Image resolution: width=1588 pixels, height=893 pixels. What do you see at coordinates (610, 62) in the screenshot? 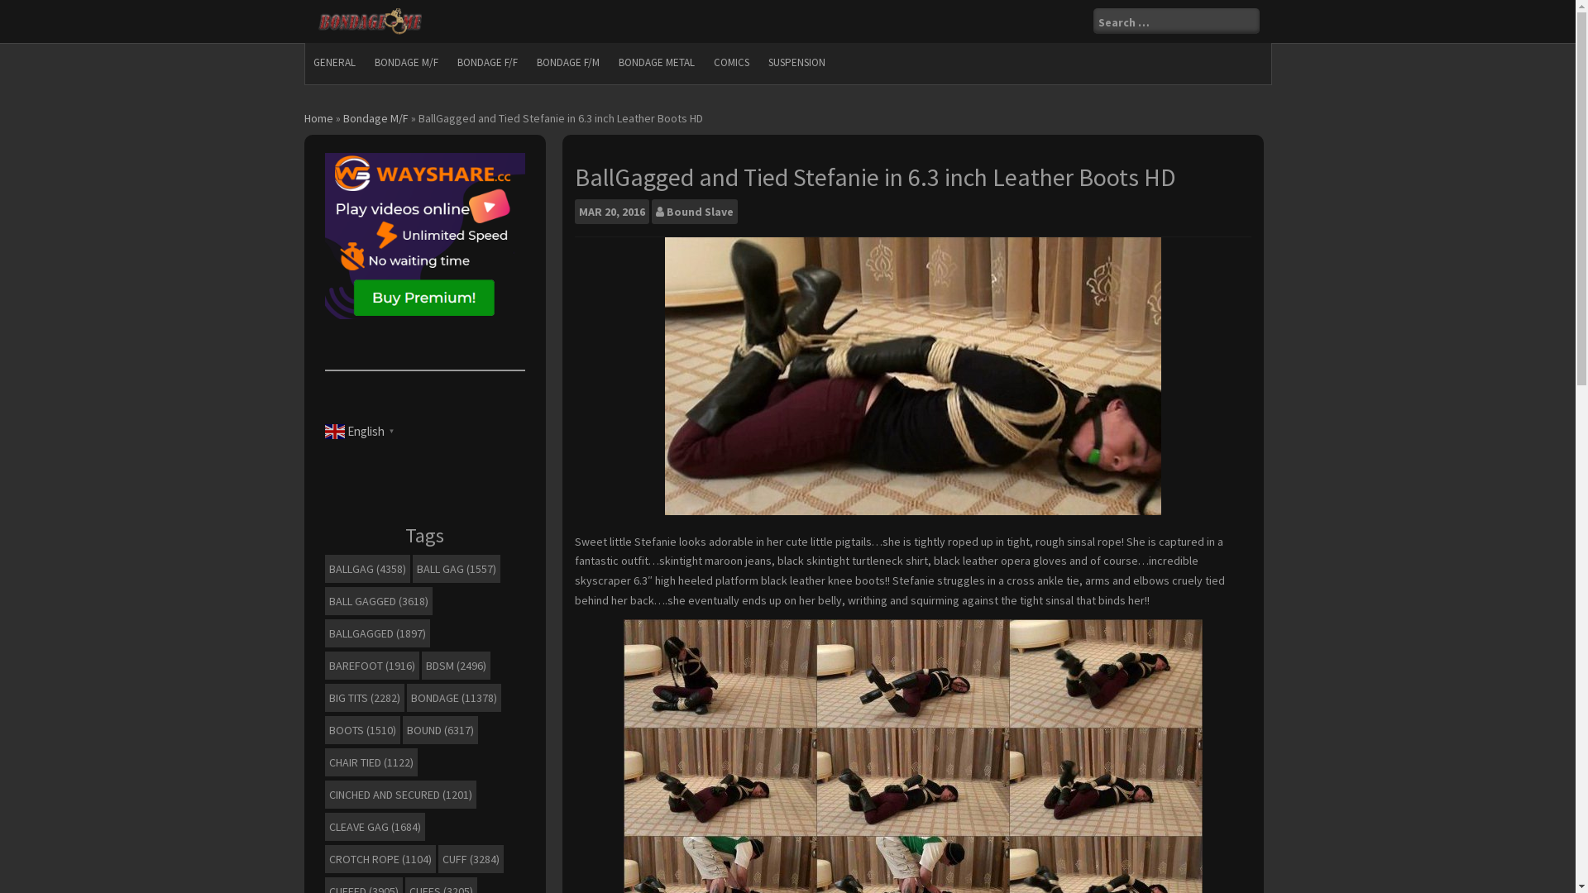
I see `'BONDAGE METAL'` at bounding box center [610, 62].